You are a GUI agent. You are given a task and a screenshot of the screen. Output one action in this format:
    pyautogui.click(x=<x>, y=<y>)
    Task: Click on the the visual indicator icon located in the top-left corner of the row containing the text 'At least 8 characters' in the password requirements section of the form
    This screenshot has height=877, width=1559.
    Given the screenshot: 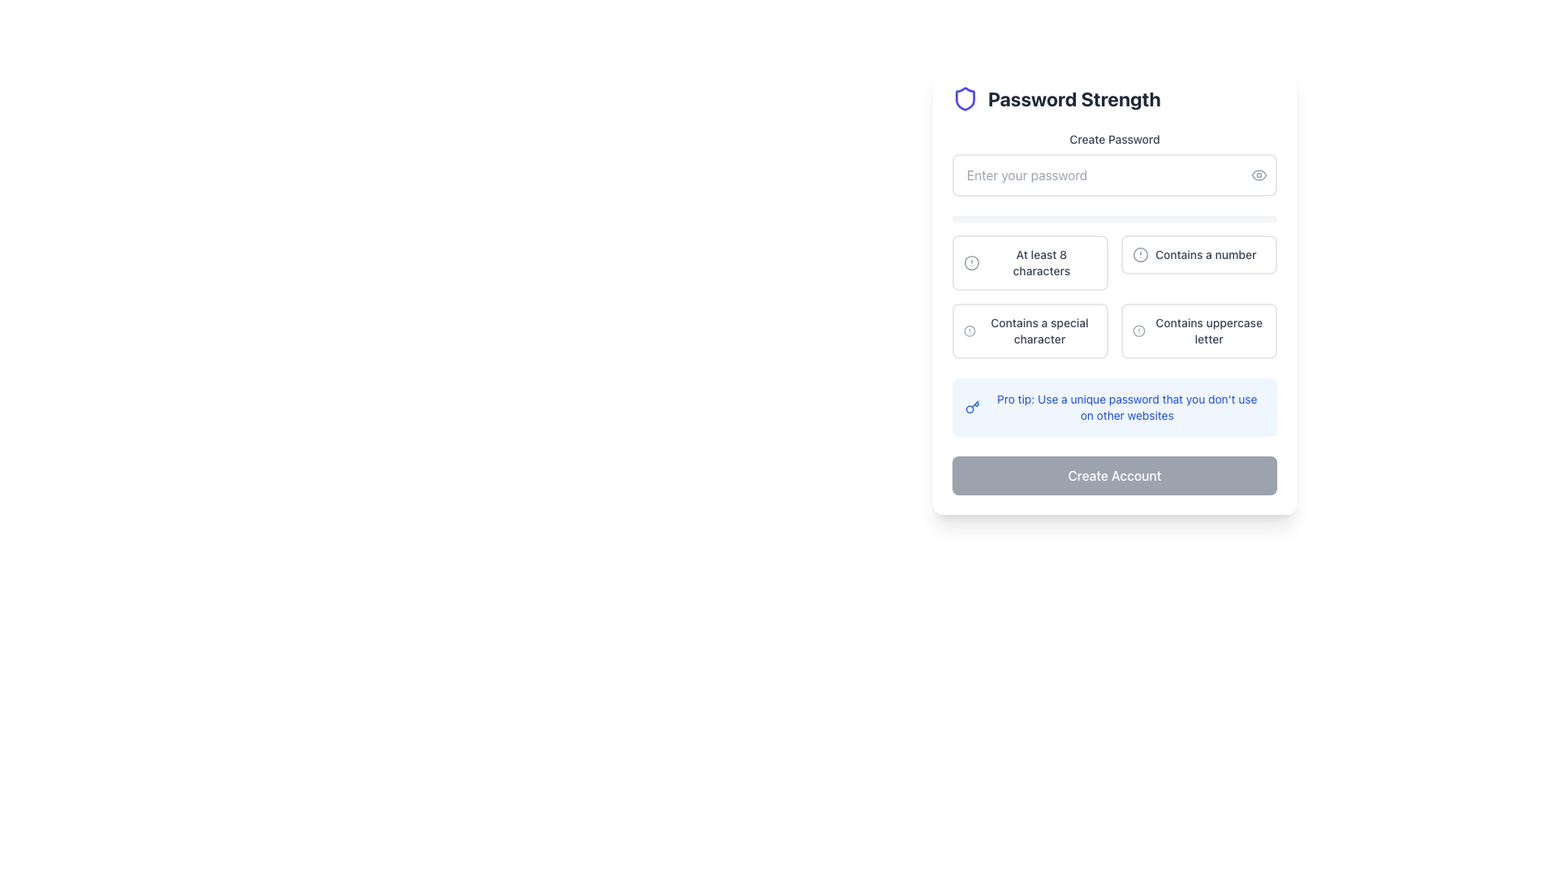 What is the action you would take?
    pyautogui.click(x=971, y=262)
    